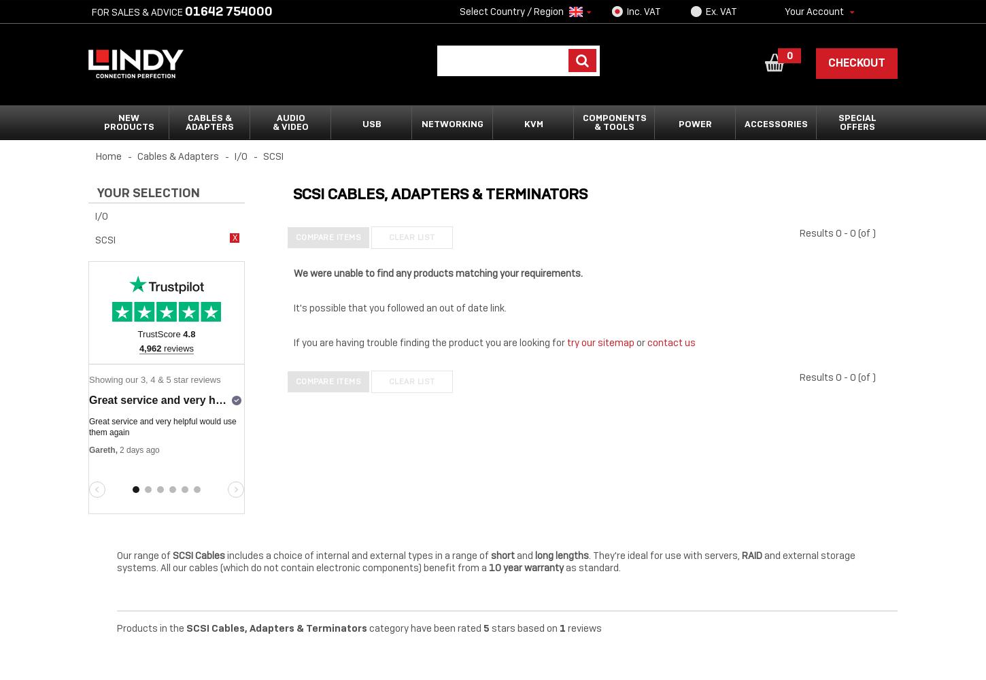  I want to click on 'SCSI Cables', so click(200, 555).